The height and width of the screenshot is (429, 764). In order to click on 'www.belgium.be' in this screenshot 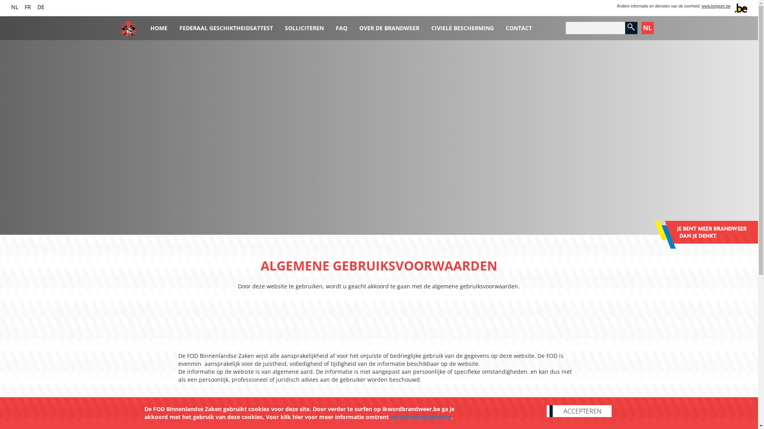, I will do `click(716, 6)`.